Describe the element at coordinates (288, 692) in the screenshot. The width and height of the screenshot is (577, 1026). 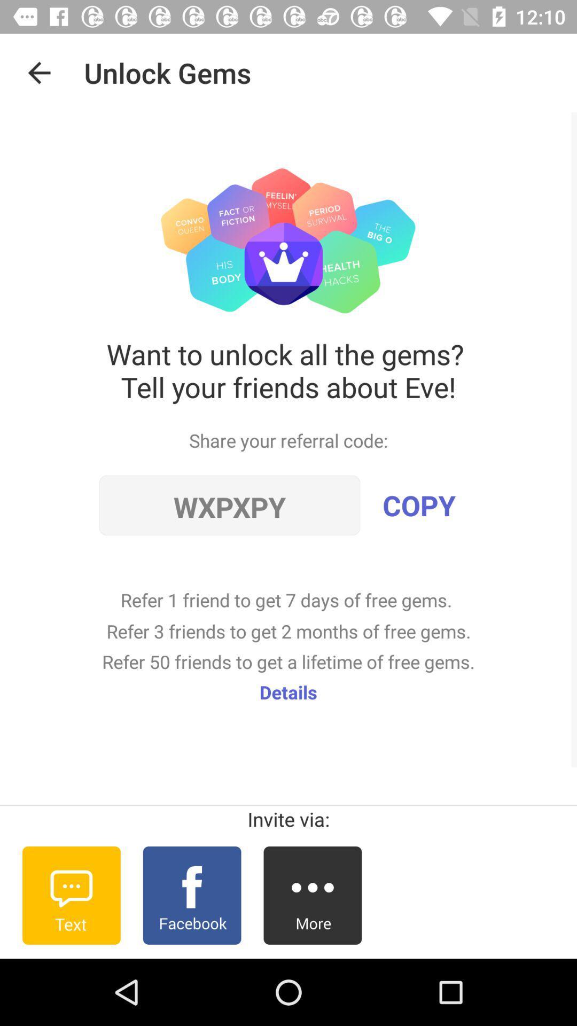
I see `item below the refer 1 friend icon` at that location.